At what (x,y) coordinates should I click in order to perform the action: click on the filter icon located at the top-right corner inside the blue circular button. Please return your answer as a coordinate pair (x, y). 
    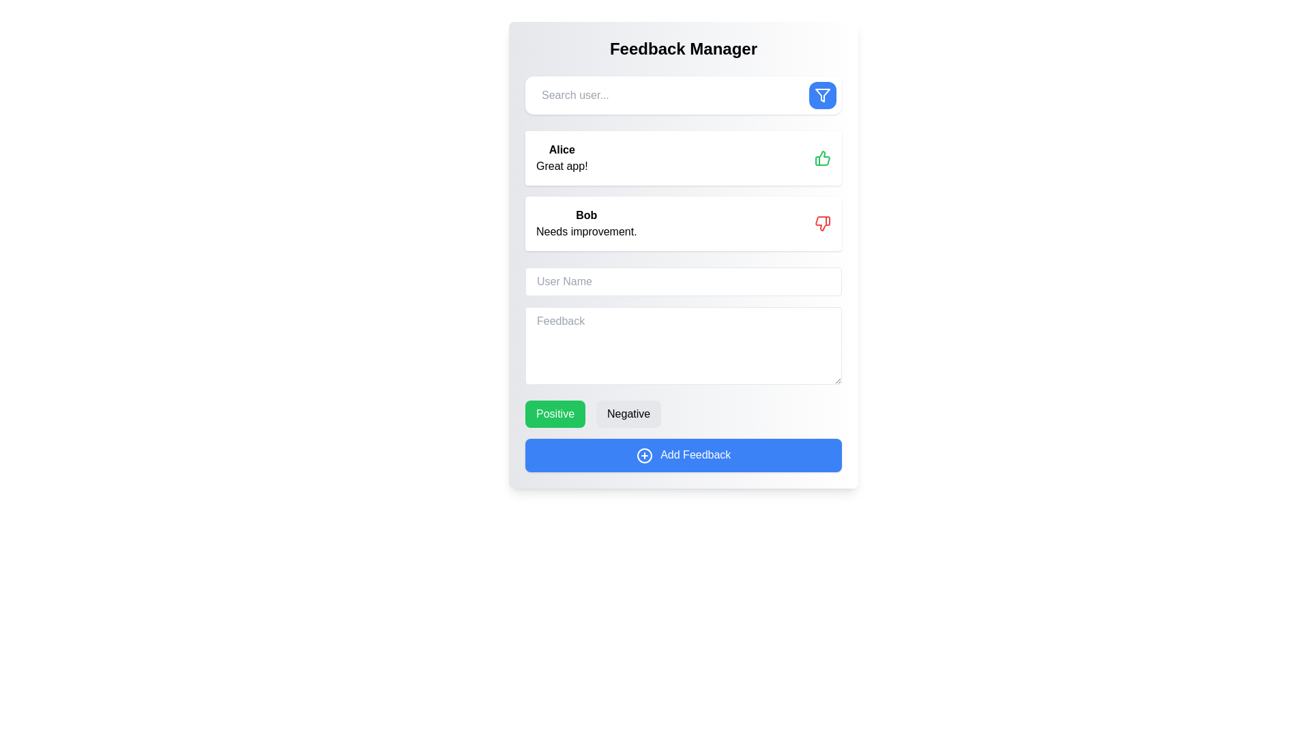
    Looking at the image, I should click on (821, 94).